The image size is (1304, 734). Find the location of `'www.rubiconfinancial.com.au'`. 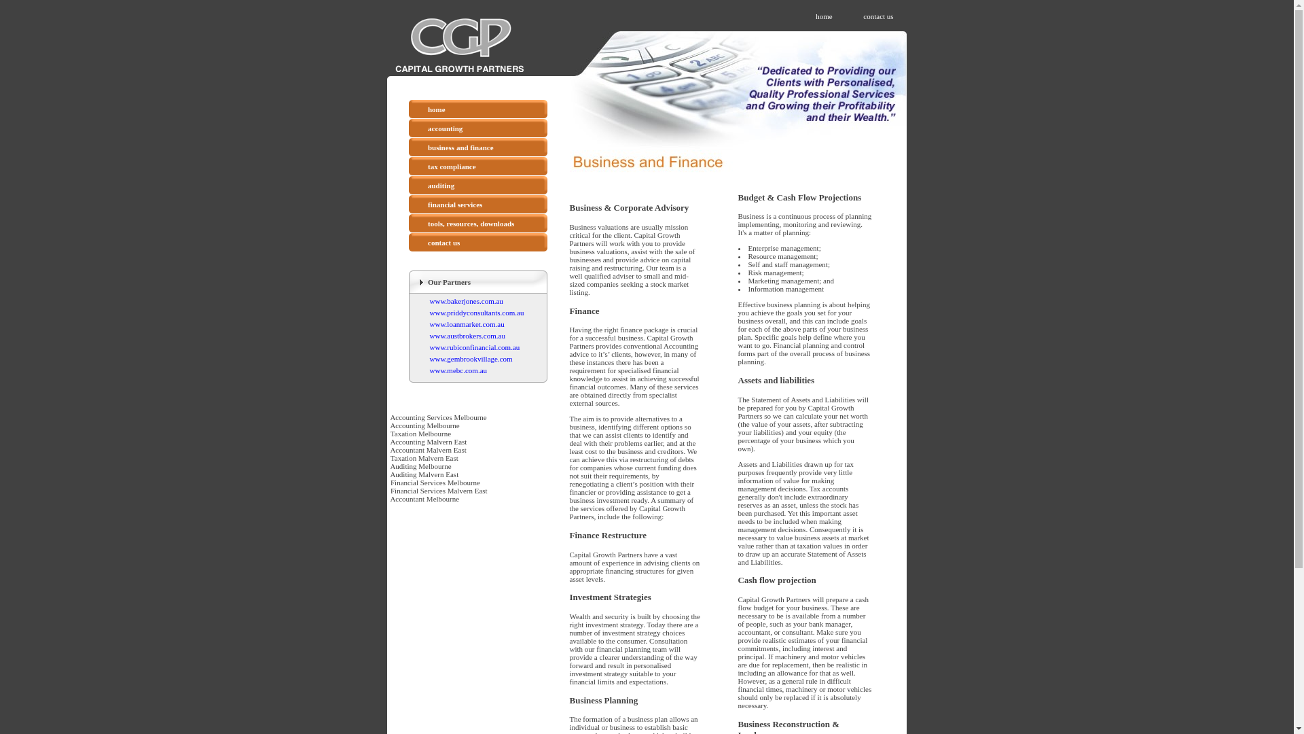

'www.rubiconfinancial.com.au' is located at coordinates (474, 346).